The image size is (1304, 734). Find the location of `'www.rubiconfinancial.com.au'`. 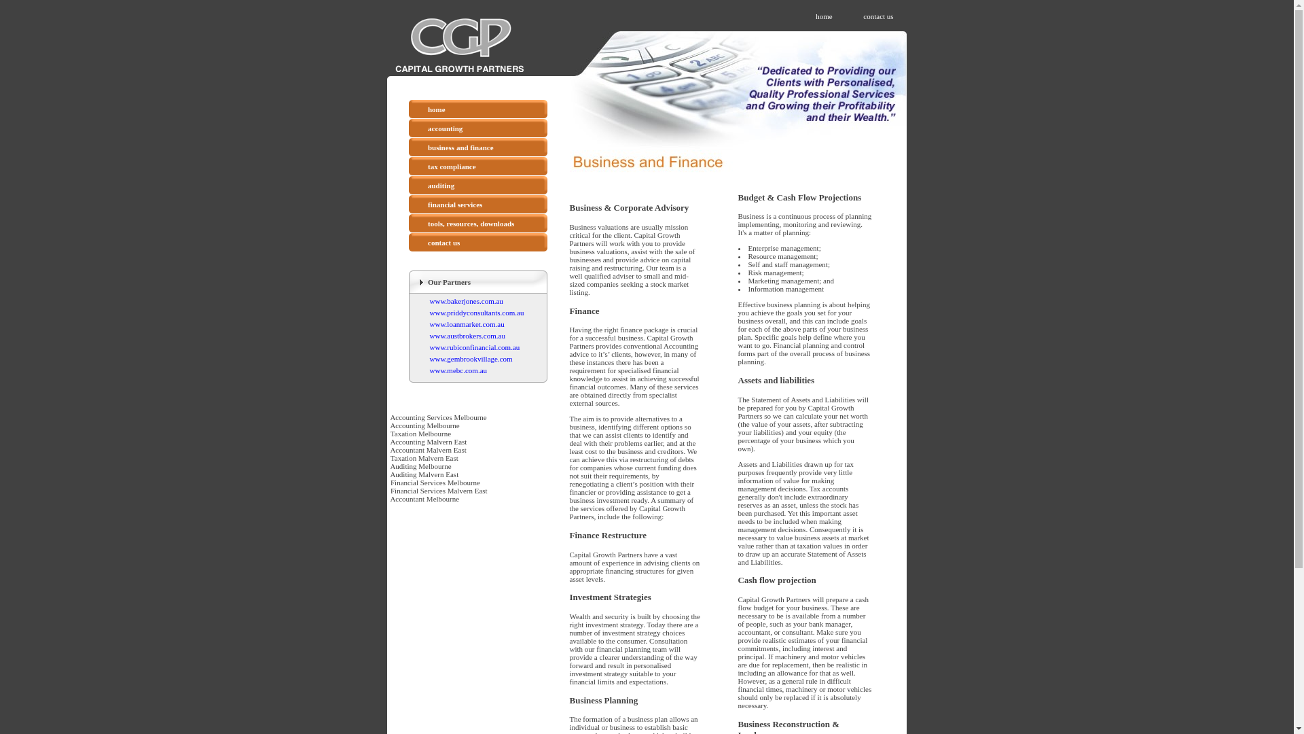

'www.rubiconfinancial.com.au' is located at coordinates (474, 346).